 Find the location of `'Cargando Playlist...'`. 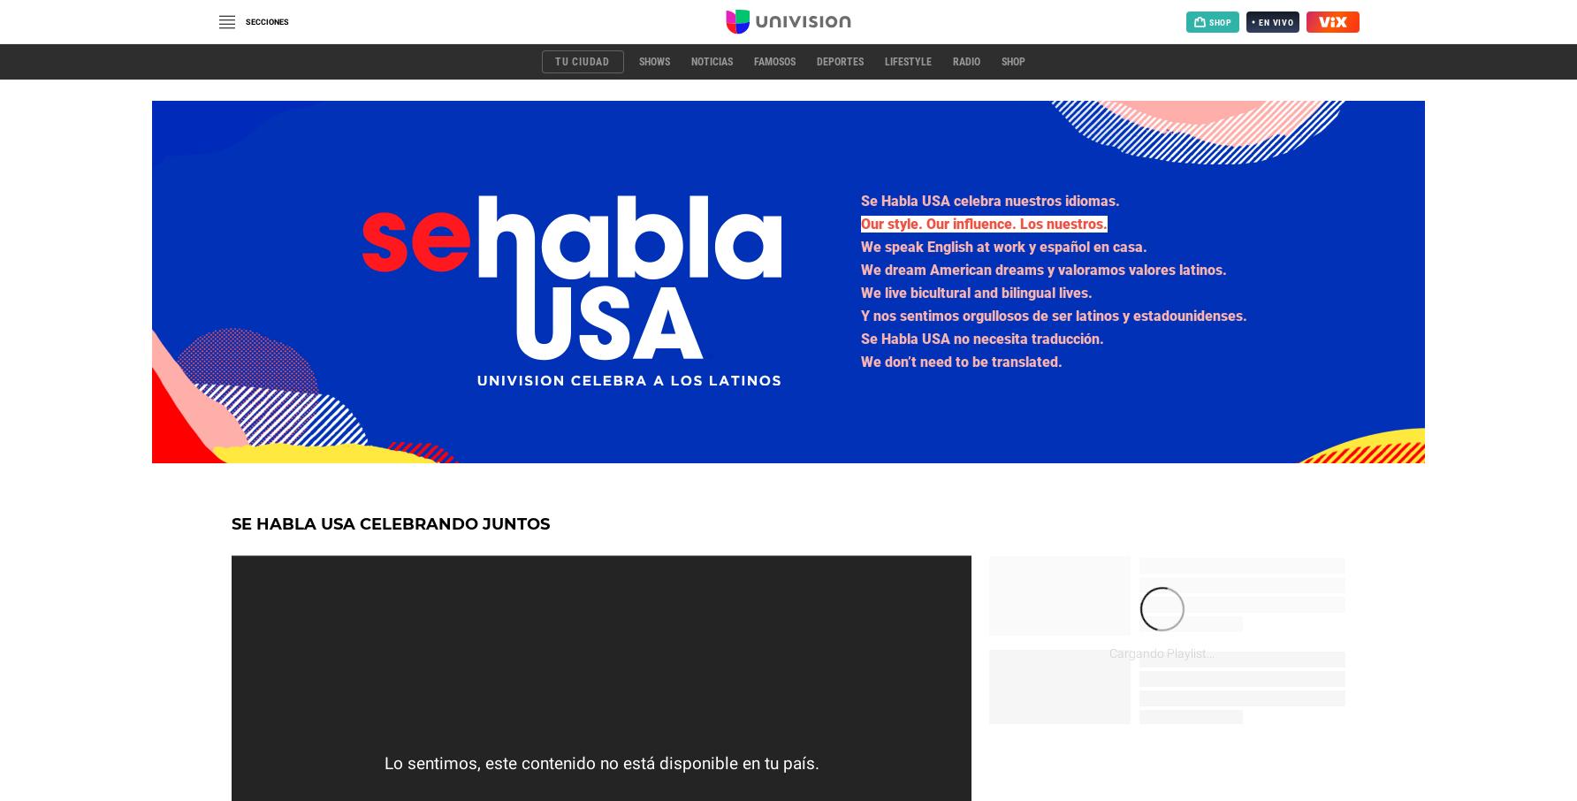

'Cargando Playlist...' is located at coordinates (1161, 652).